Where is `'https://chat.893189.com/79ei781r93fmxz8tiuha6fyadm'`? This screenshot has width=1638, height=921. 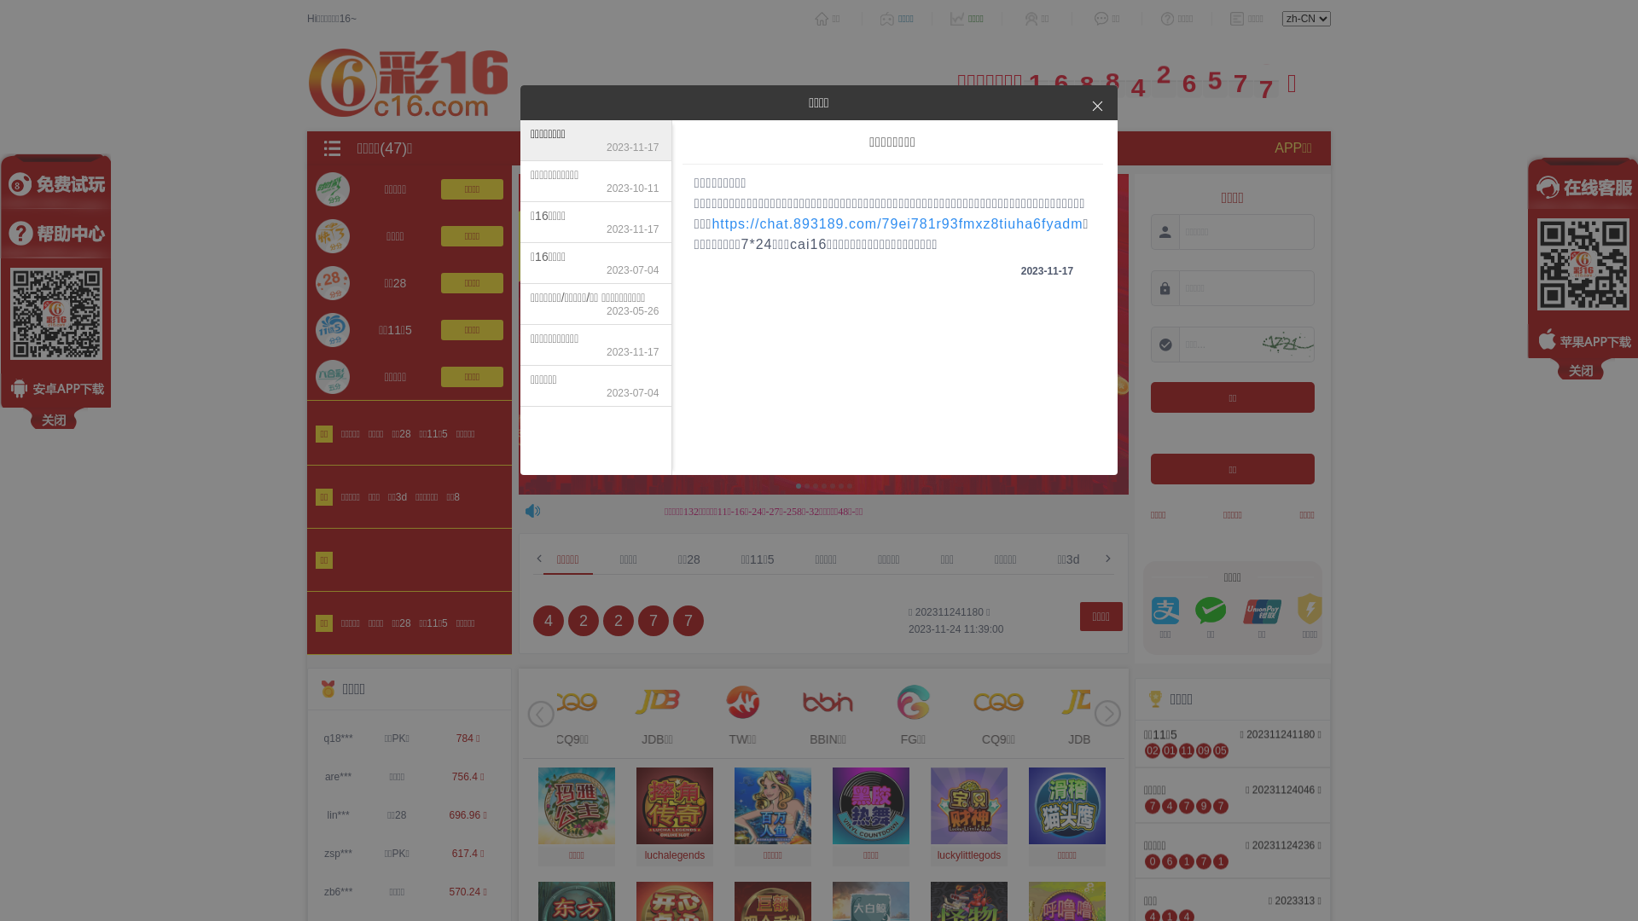
'https://chat.893189.com/79ei781r93fmxz8tiuha6fyadm' is located at coordinates (896, 223).